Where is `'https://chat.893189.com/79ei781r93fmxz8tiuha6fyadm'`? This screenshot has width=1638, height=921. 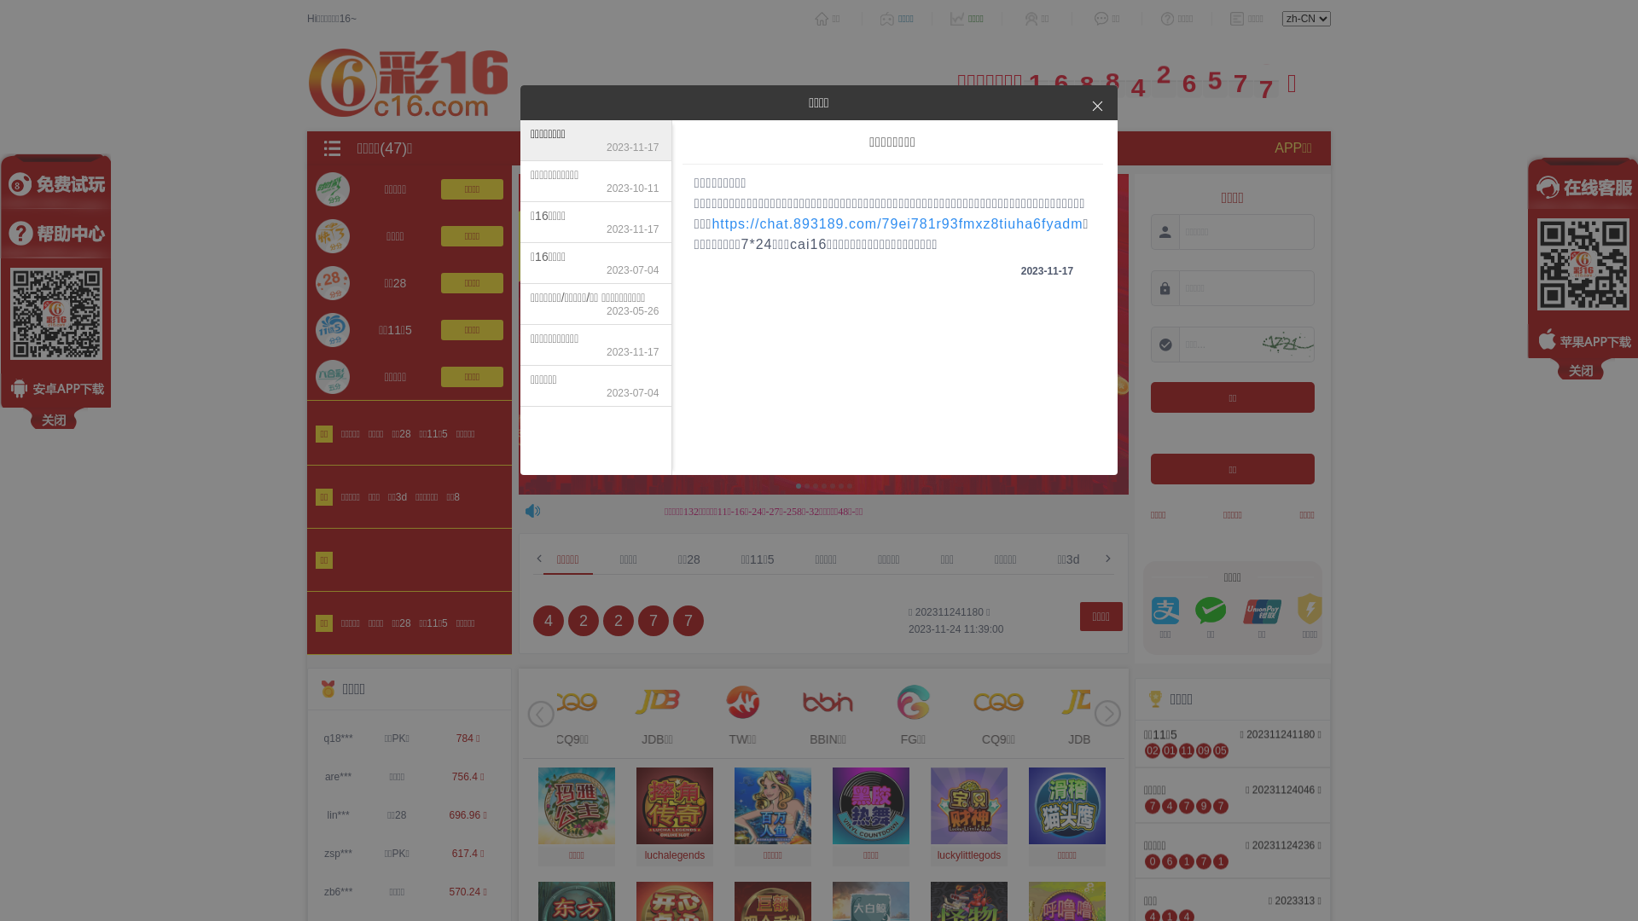
'https://chat.893189.com/79ei781r93fmxz8tiuha6fyadm' is located at coordinates (896, 223).